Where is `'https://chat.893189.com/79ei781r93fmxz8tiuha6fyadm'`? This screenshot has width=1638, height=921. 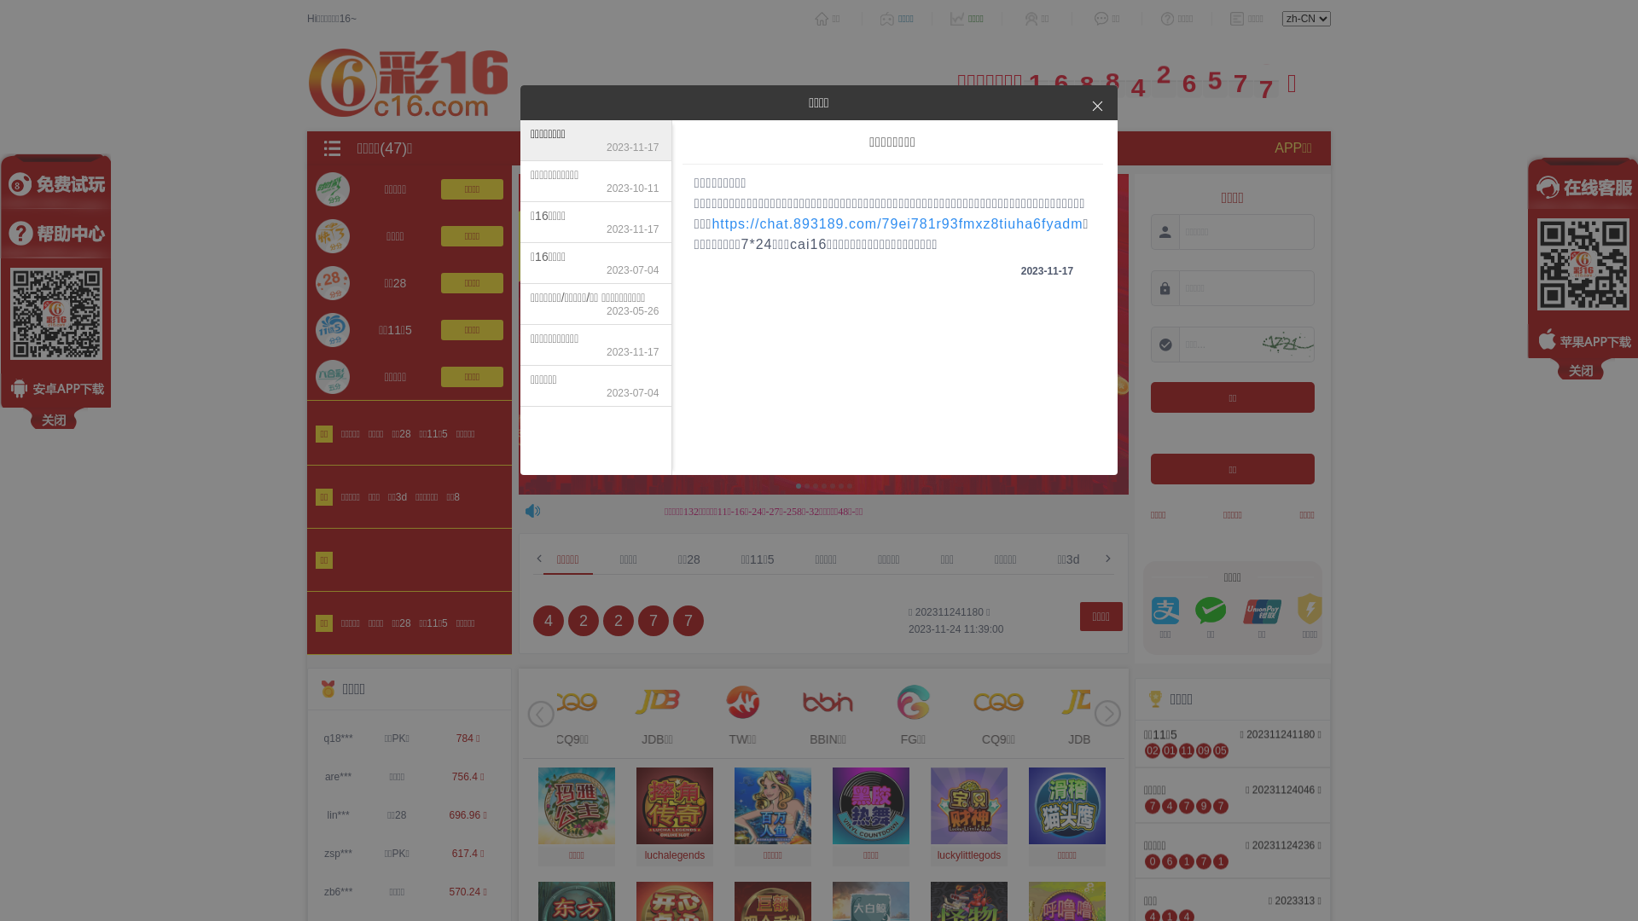
'https://chat.893189.com/79ei781r93fmxz8tiuha6fyadm' is located at coordinates (896, 223).